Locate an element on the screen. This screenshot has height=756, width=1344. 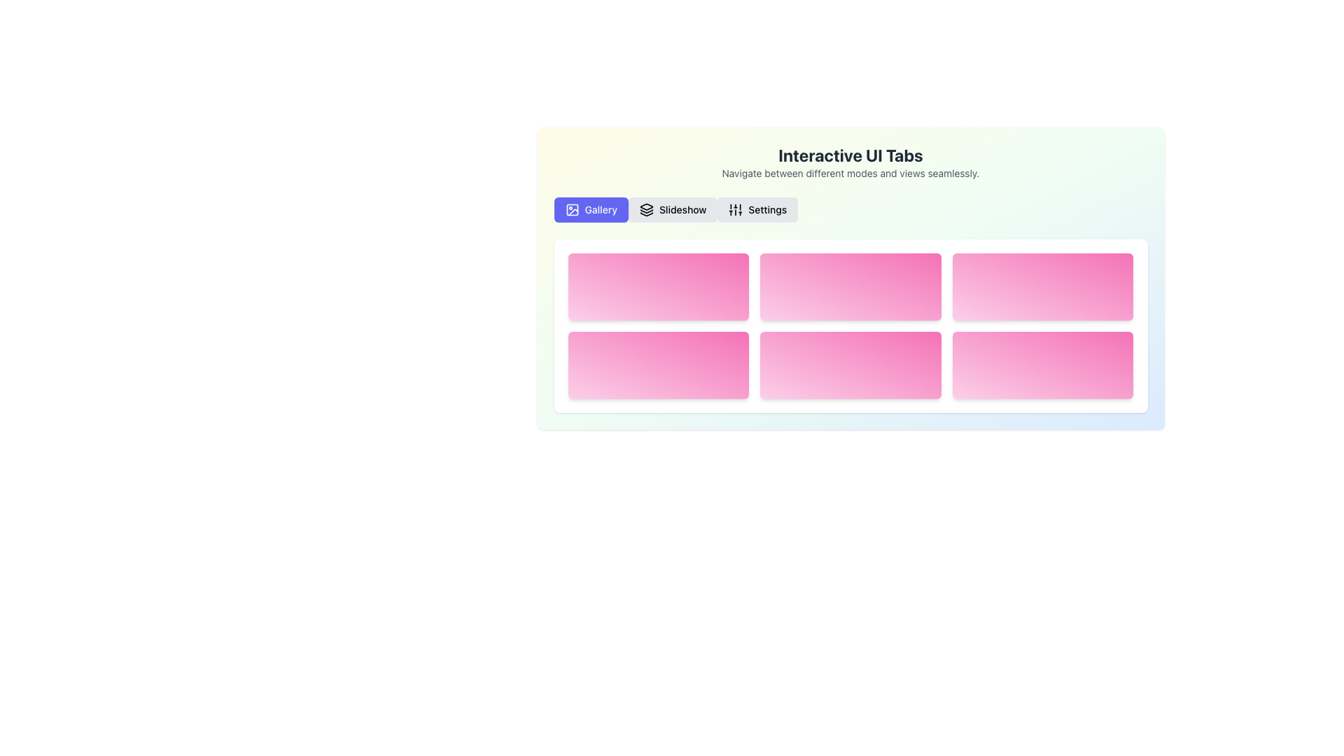
the 'Gallery' text label, which is styled with white text on a blue background and is located in the button group at the top-left of the interface is located at coordinates (601, 210).